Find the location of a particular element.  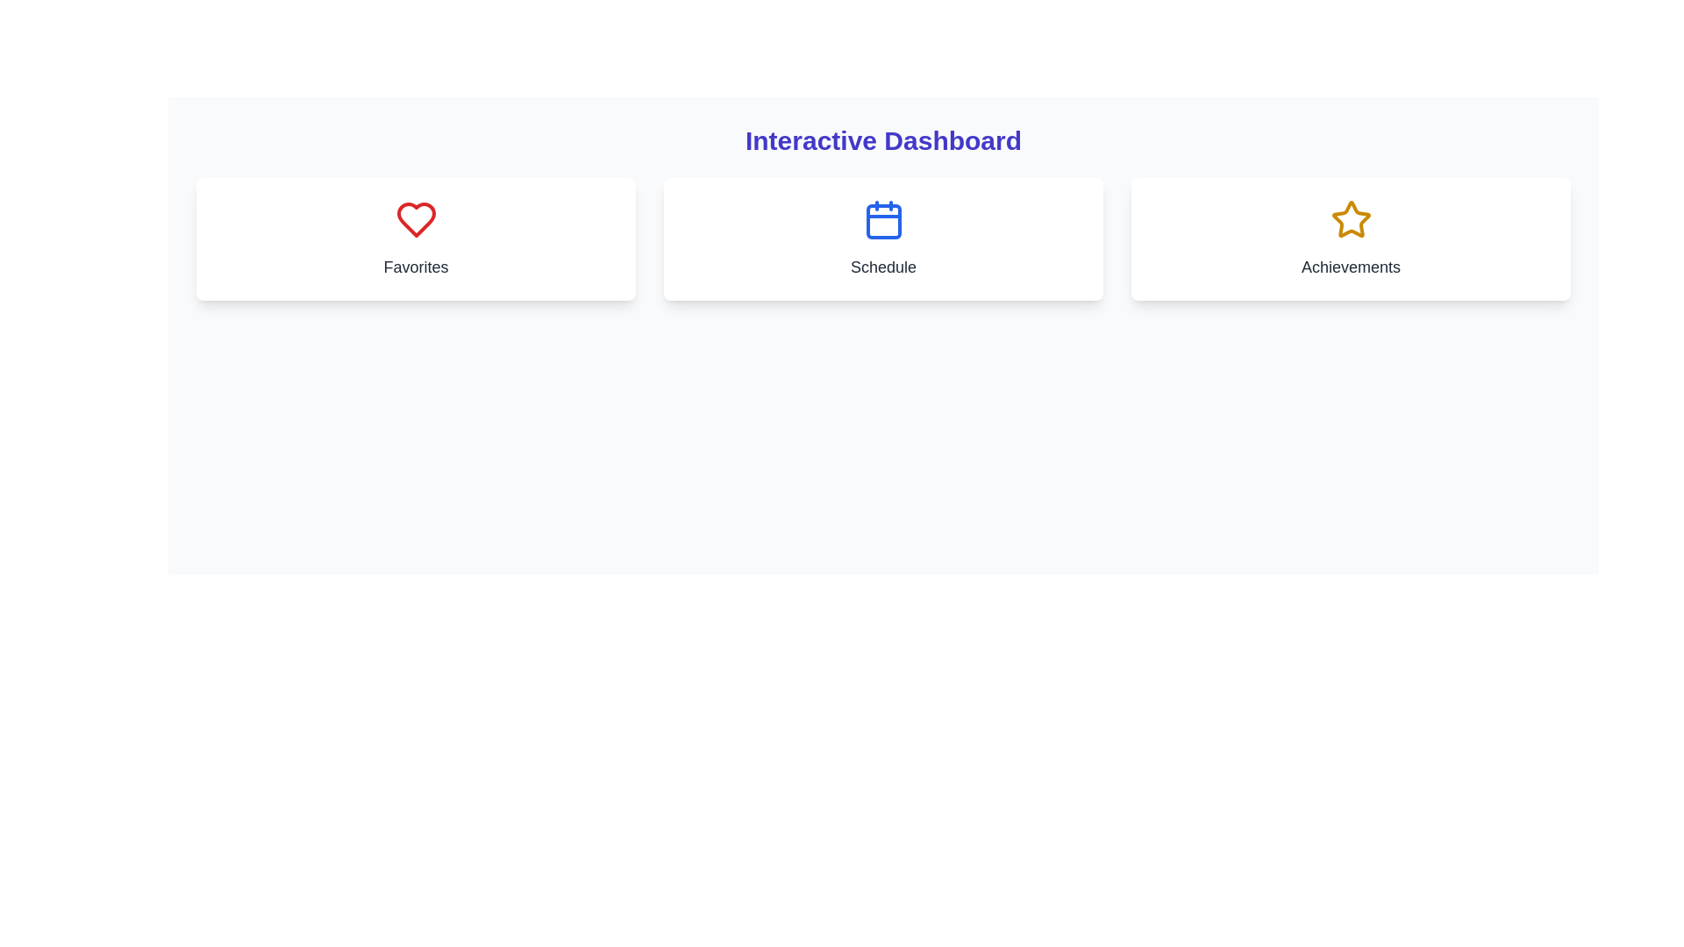

the rightmost card labeled 'Achievements' in the three-card row, which also includes 'Schedule' and 'Favorites' is located at coordinates (1350, 239).